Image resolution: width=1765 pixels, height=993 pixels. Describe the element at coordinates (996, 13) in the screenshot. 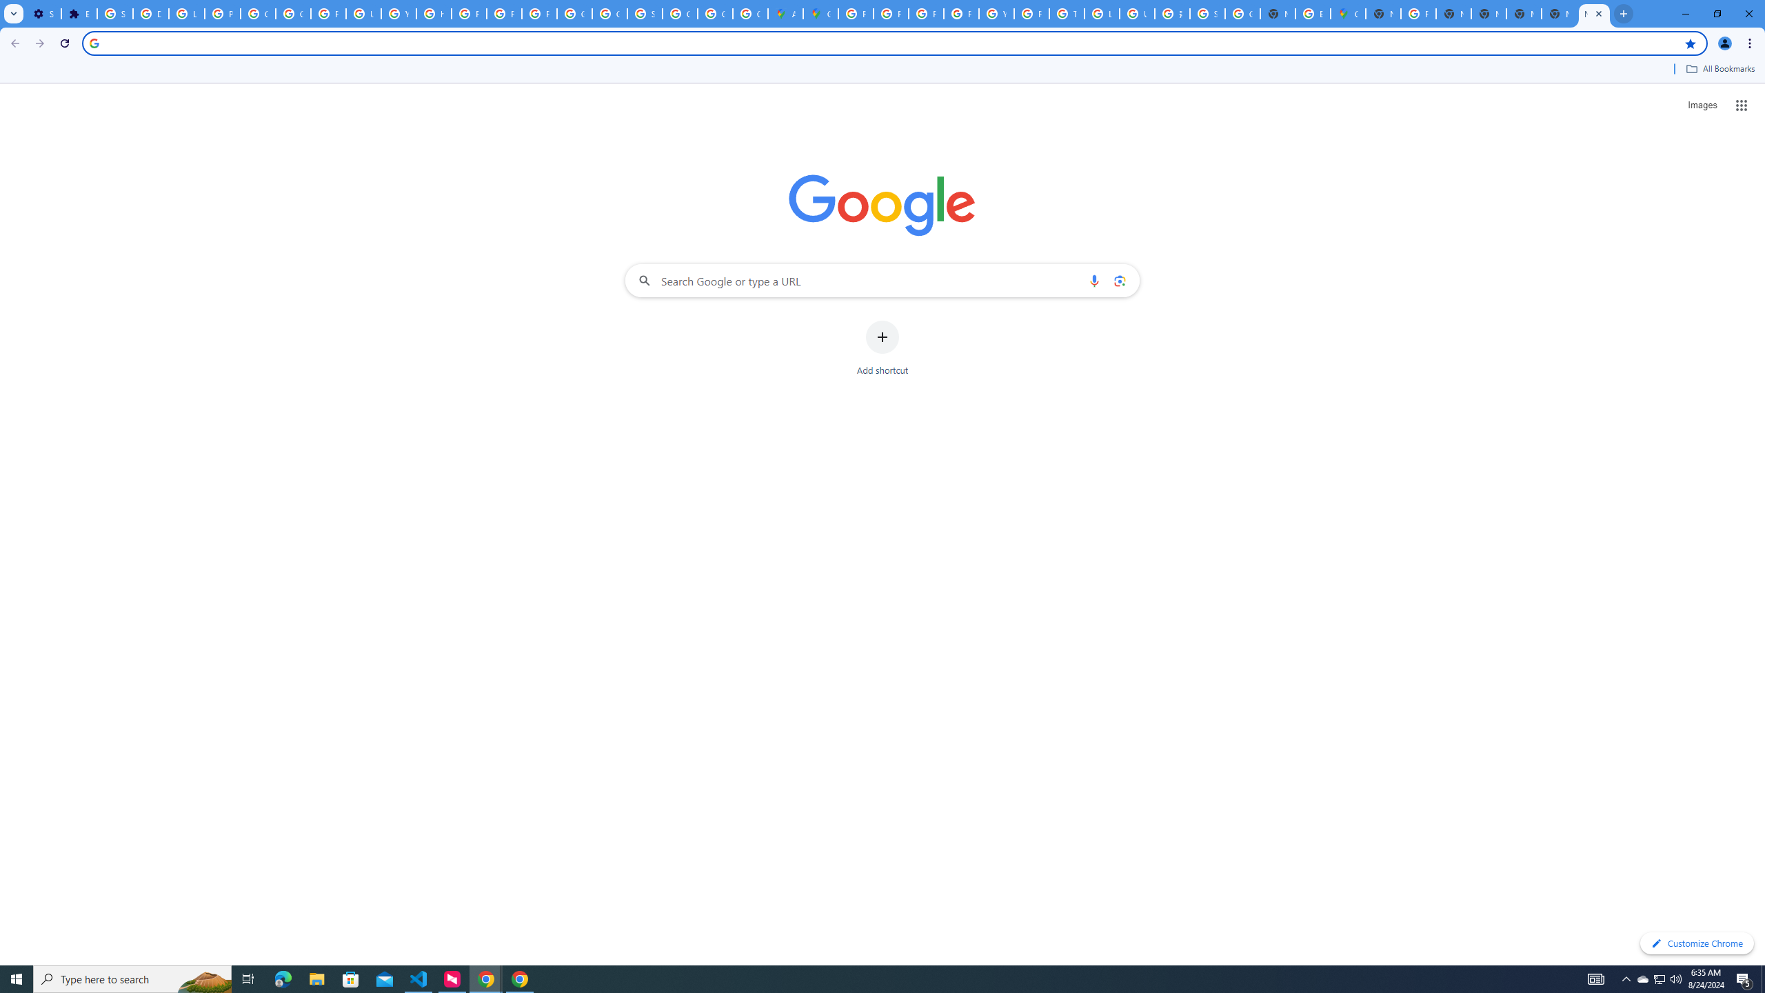

I see `'YouTube'` at that location.